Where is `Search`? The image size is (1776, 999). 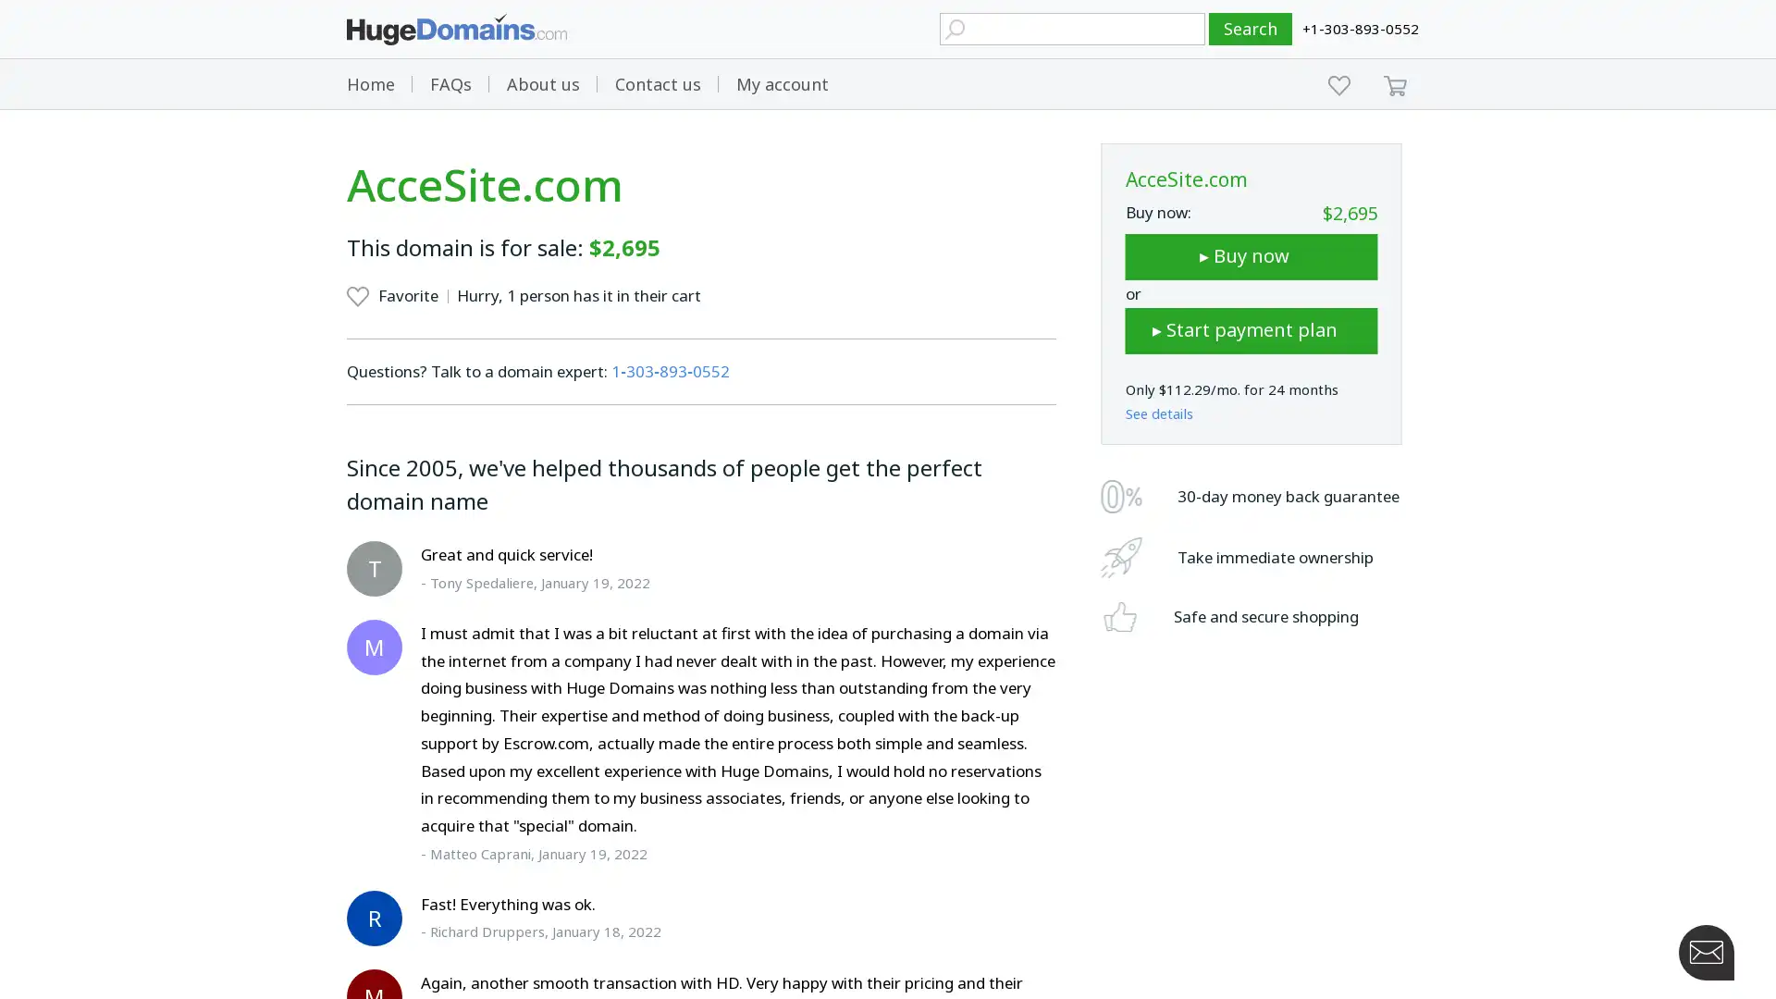
Search is located at coordinates (1251, 29).